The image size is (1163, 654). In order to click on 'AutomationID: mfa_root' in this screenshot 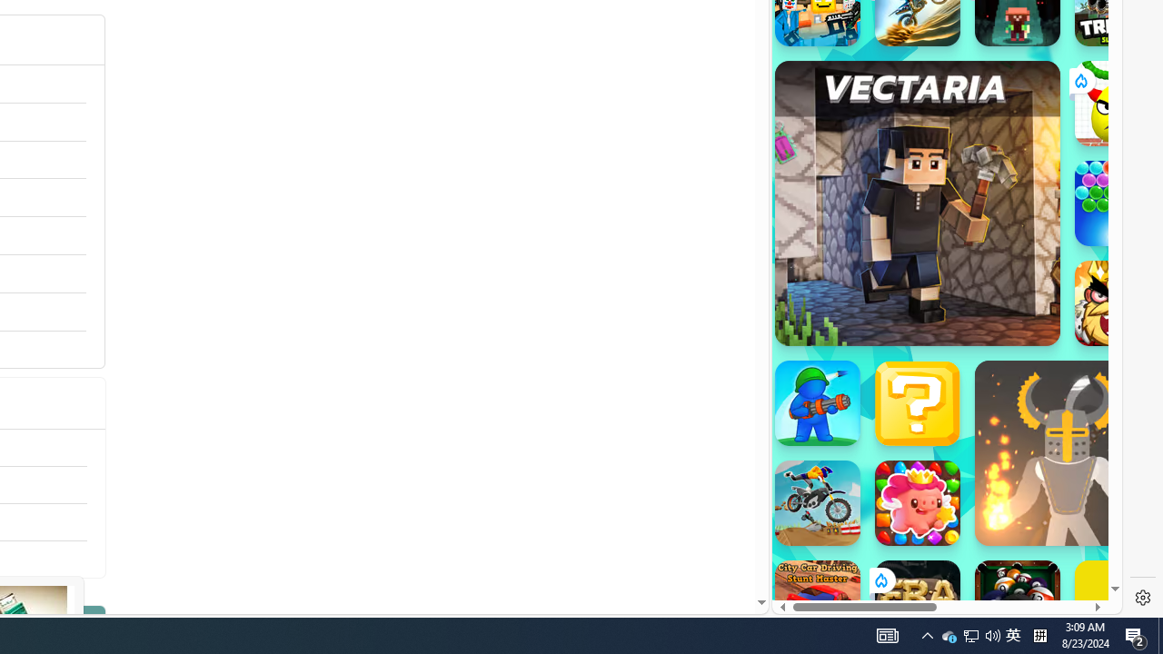, I will do `click(691, 547)`.